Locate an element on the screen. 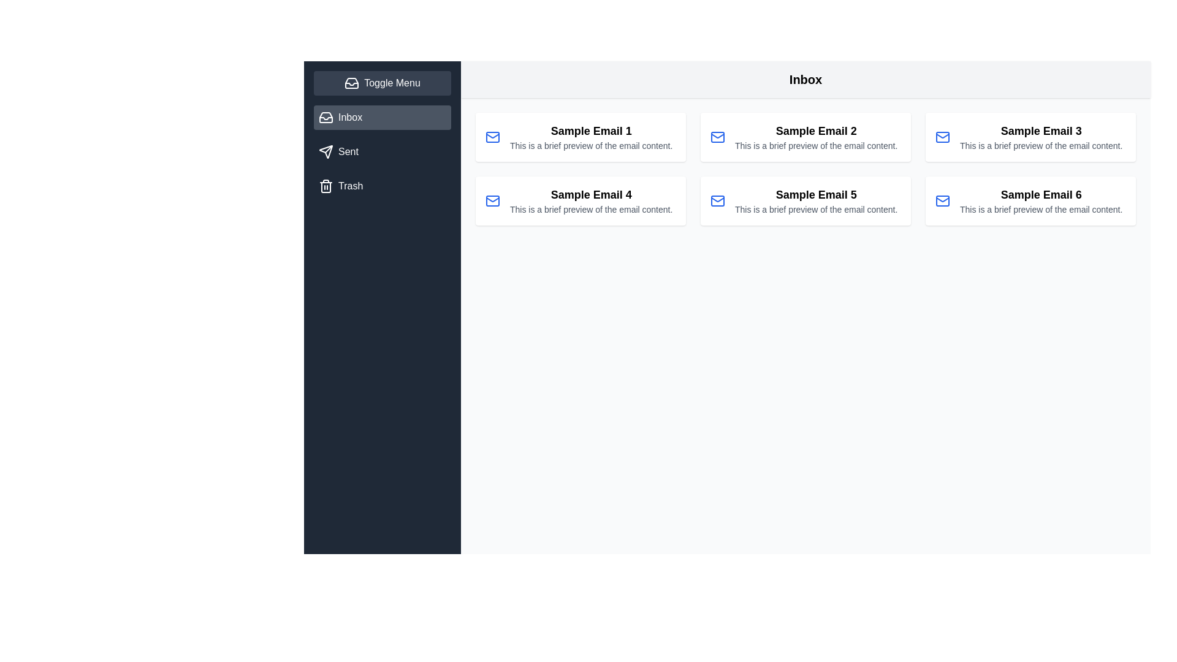 This screenshot has width=1177, height=662. the blue envelope icon associated with 'Sample Email 2' in the email preview card is located at coordinates (718, 137).